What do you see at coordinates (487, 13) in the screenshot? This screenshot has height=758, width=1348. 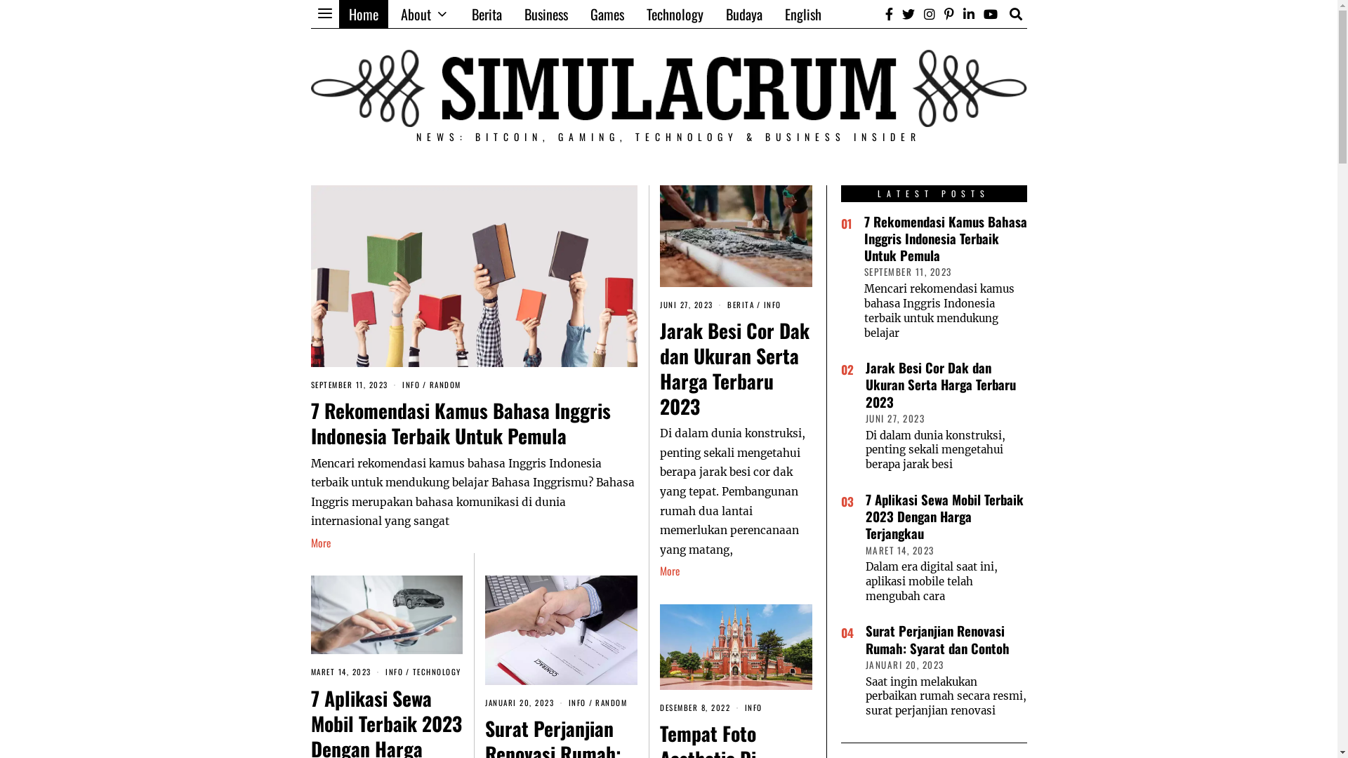 I see `'Berita'` at bounding box center [487, 13].